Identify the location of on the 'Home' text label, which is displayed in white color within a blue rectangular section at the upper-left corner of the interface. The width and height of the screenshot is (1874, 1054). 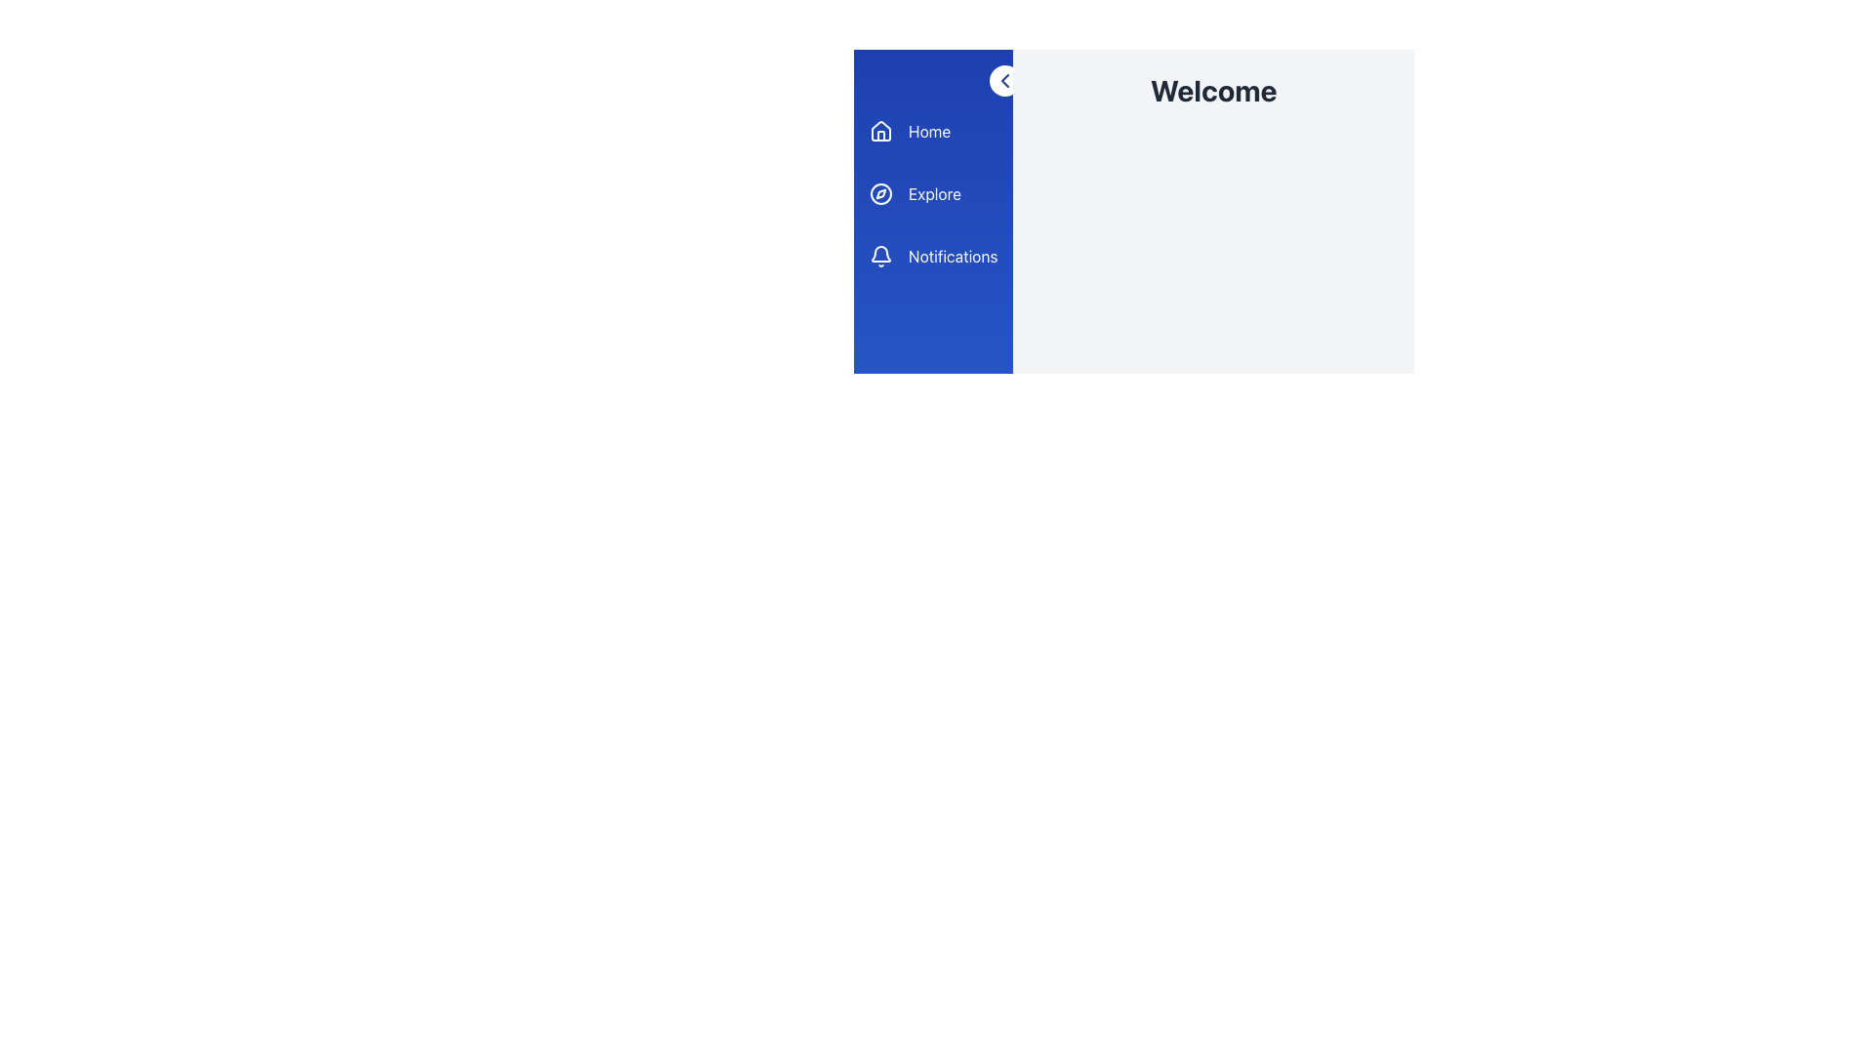
(928, 132).